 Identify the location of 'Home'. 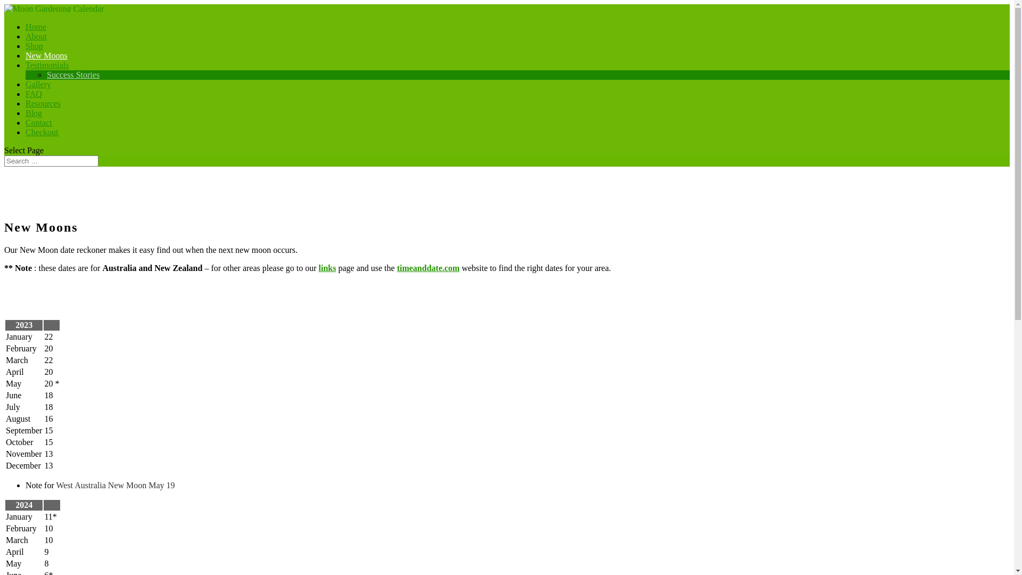
(36, 31).